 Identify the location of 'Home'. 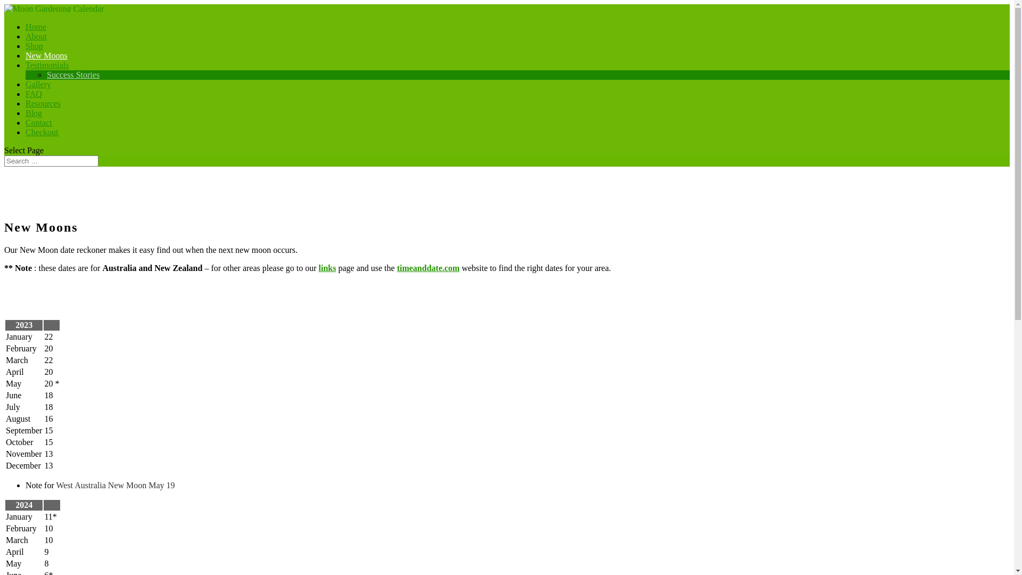
(36, 31).